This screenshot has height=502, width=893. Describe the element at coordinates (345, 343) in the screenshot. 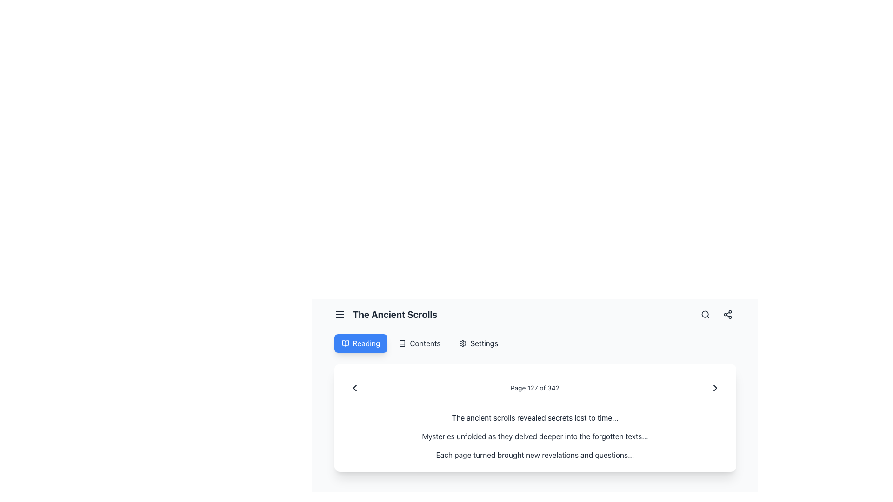

I see `the stylized book icon within the blue 'Reading' button` at that location.